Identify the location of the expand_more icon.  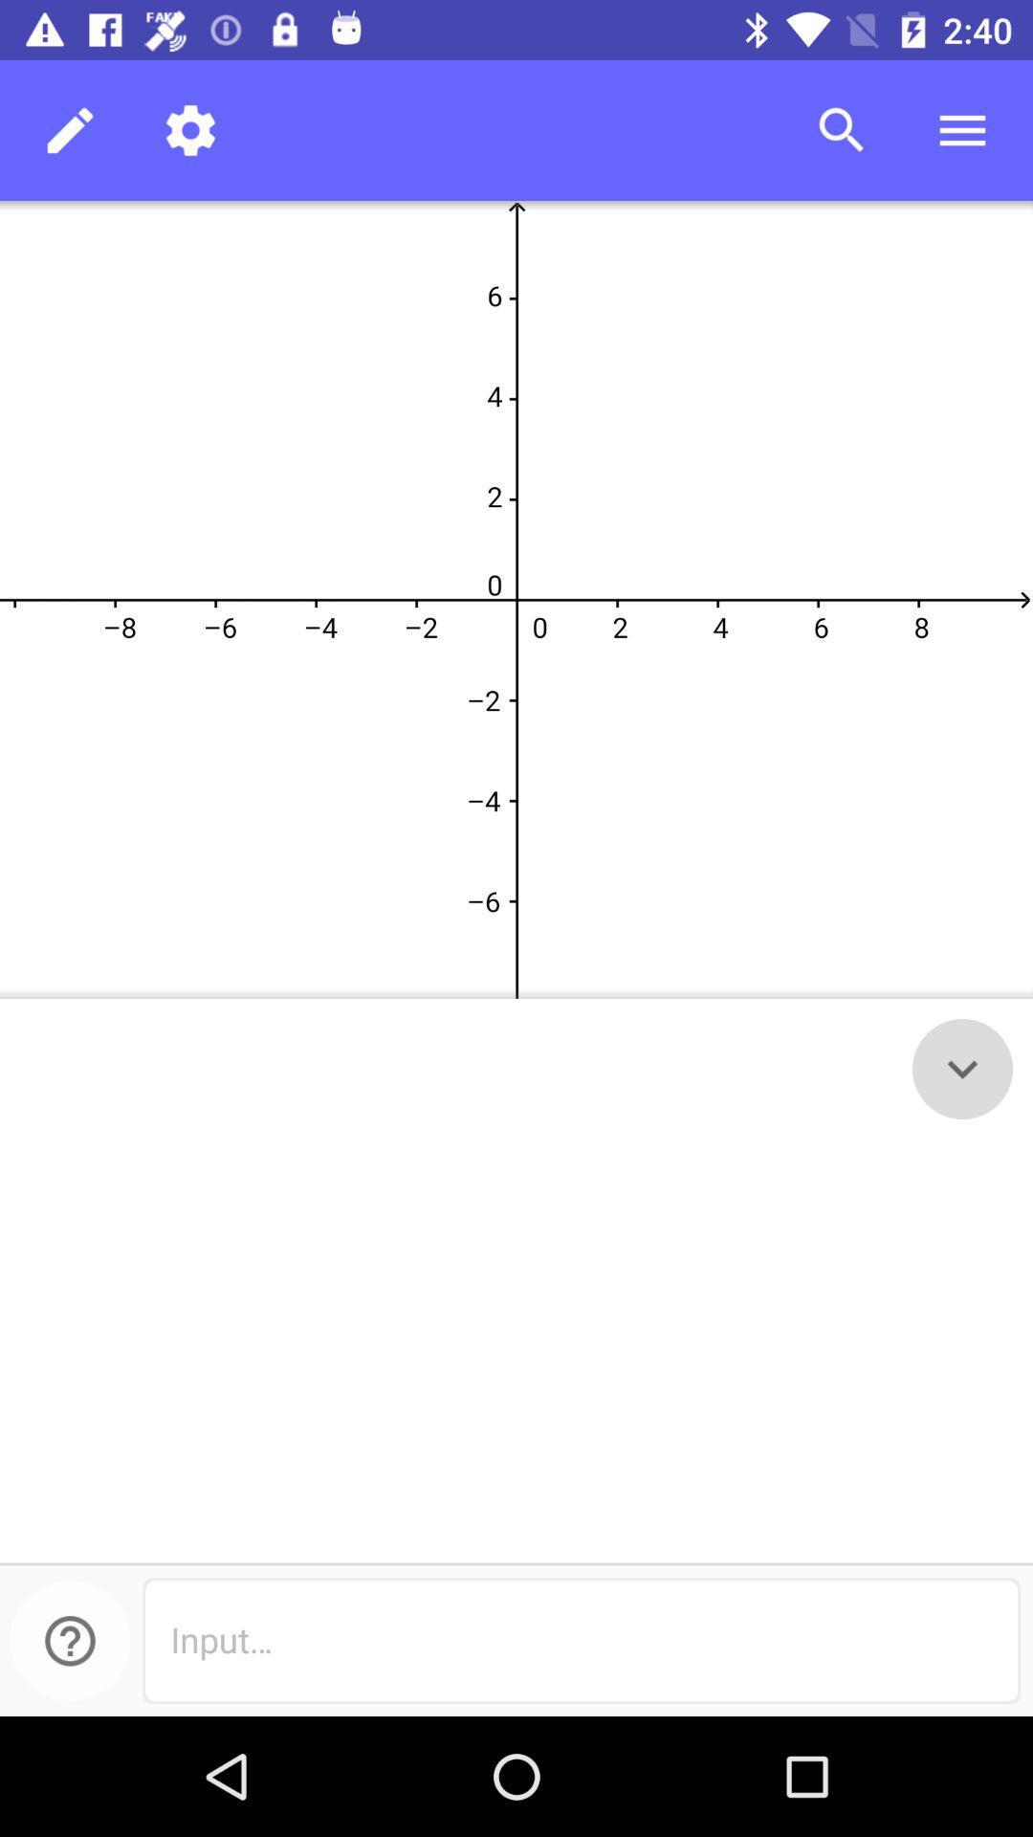
(962, 1068).